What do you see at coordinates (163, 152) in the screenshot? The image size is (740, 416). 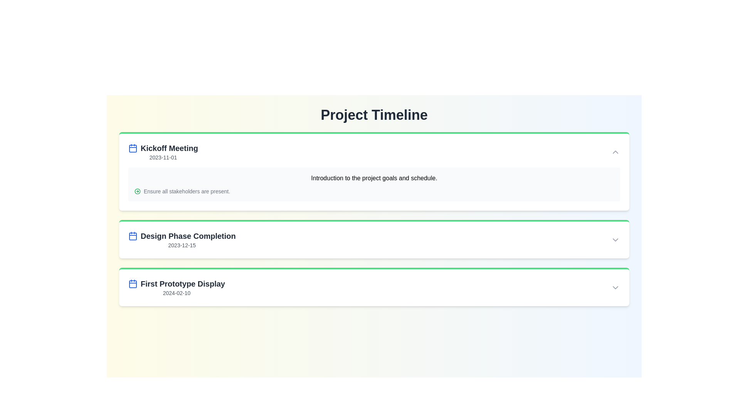 I see `the 'Kickoff Meeting' text in the informational component` at bounding box center [163, 152].